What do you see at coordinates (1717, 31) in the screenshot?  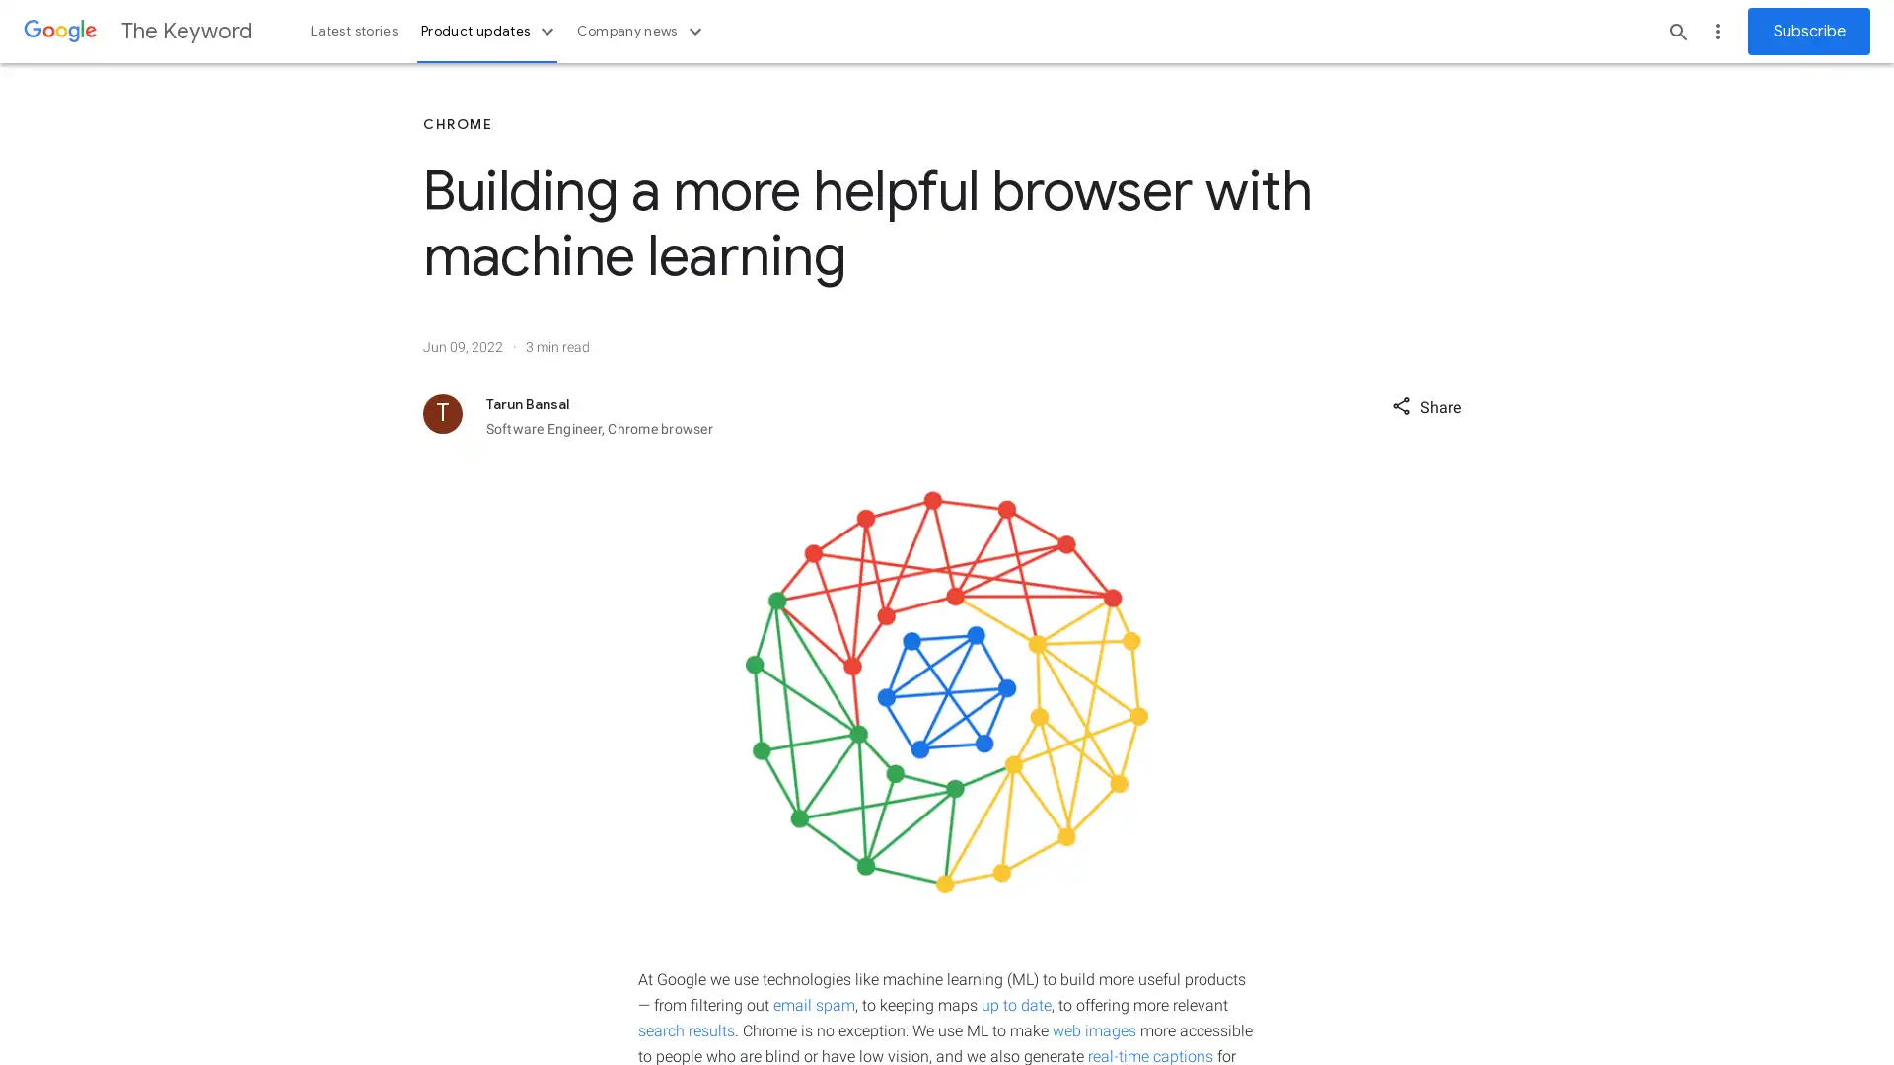 I see `Secondary menu` at bounding box center [1717, 31].